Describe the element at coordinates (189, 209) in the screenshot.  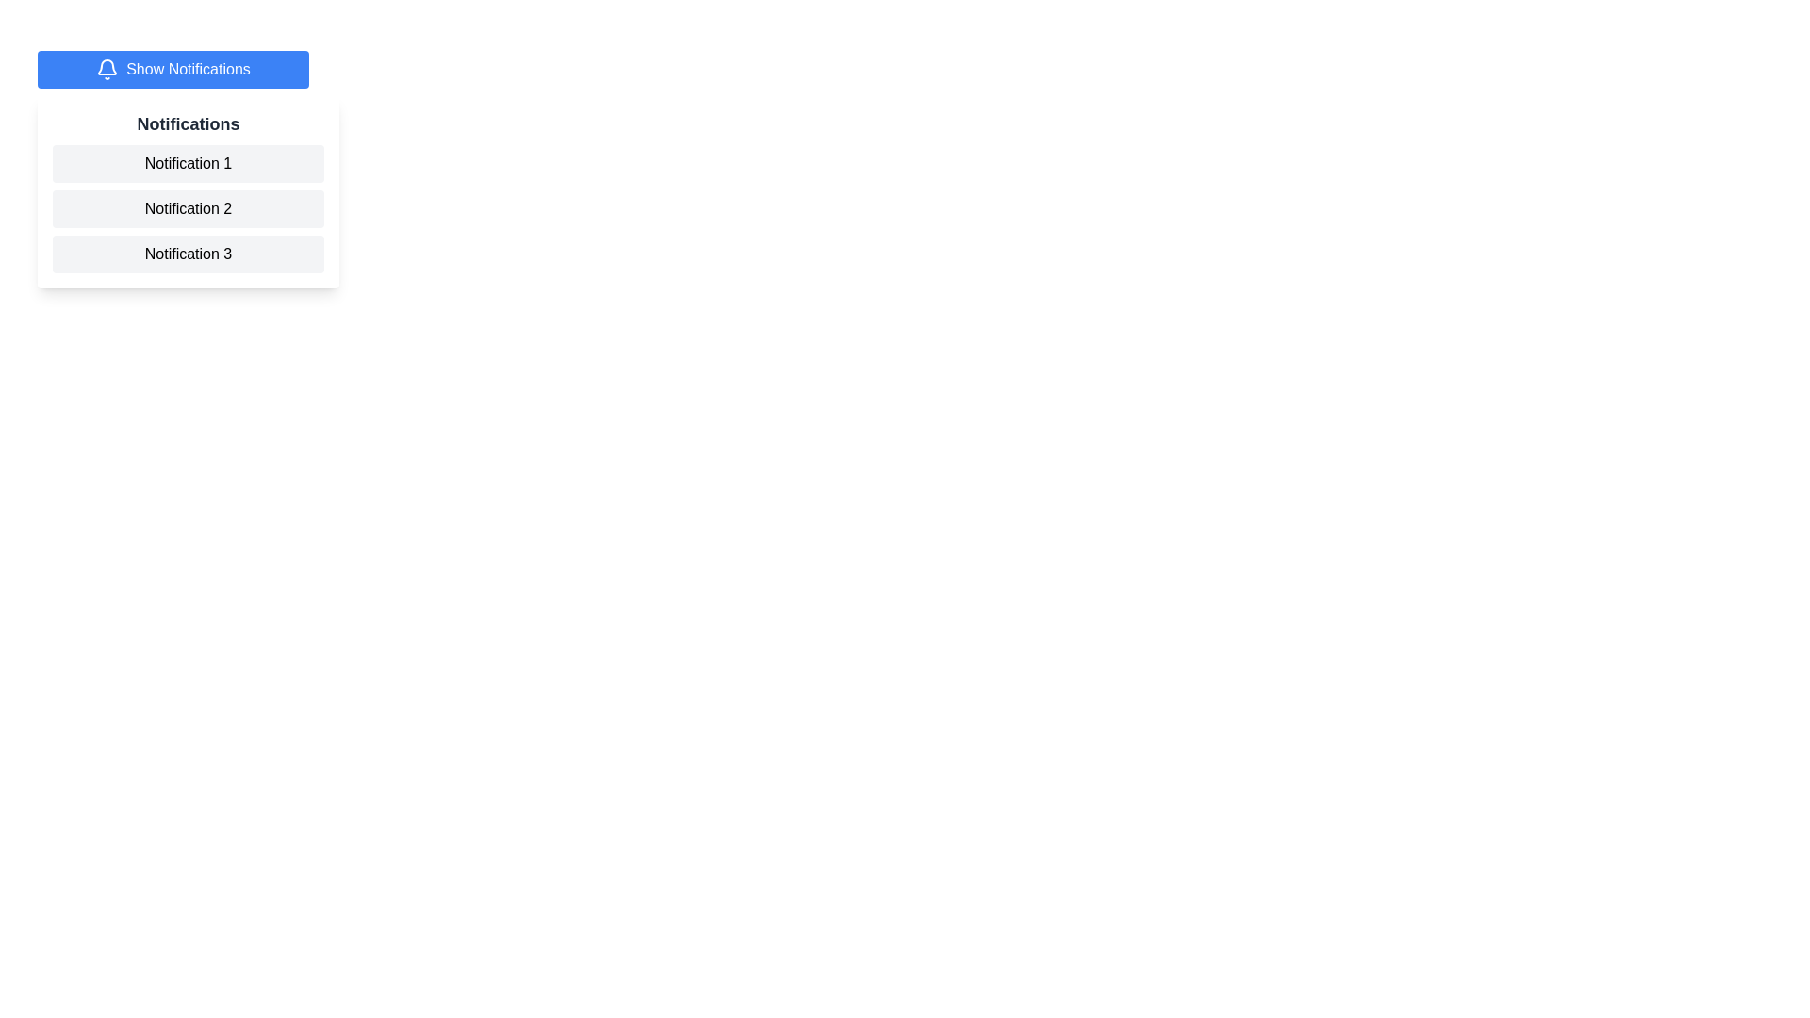
I see `the second notification item, which has a light gray background and contains the text 'Notification 2'` at that location.